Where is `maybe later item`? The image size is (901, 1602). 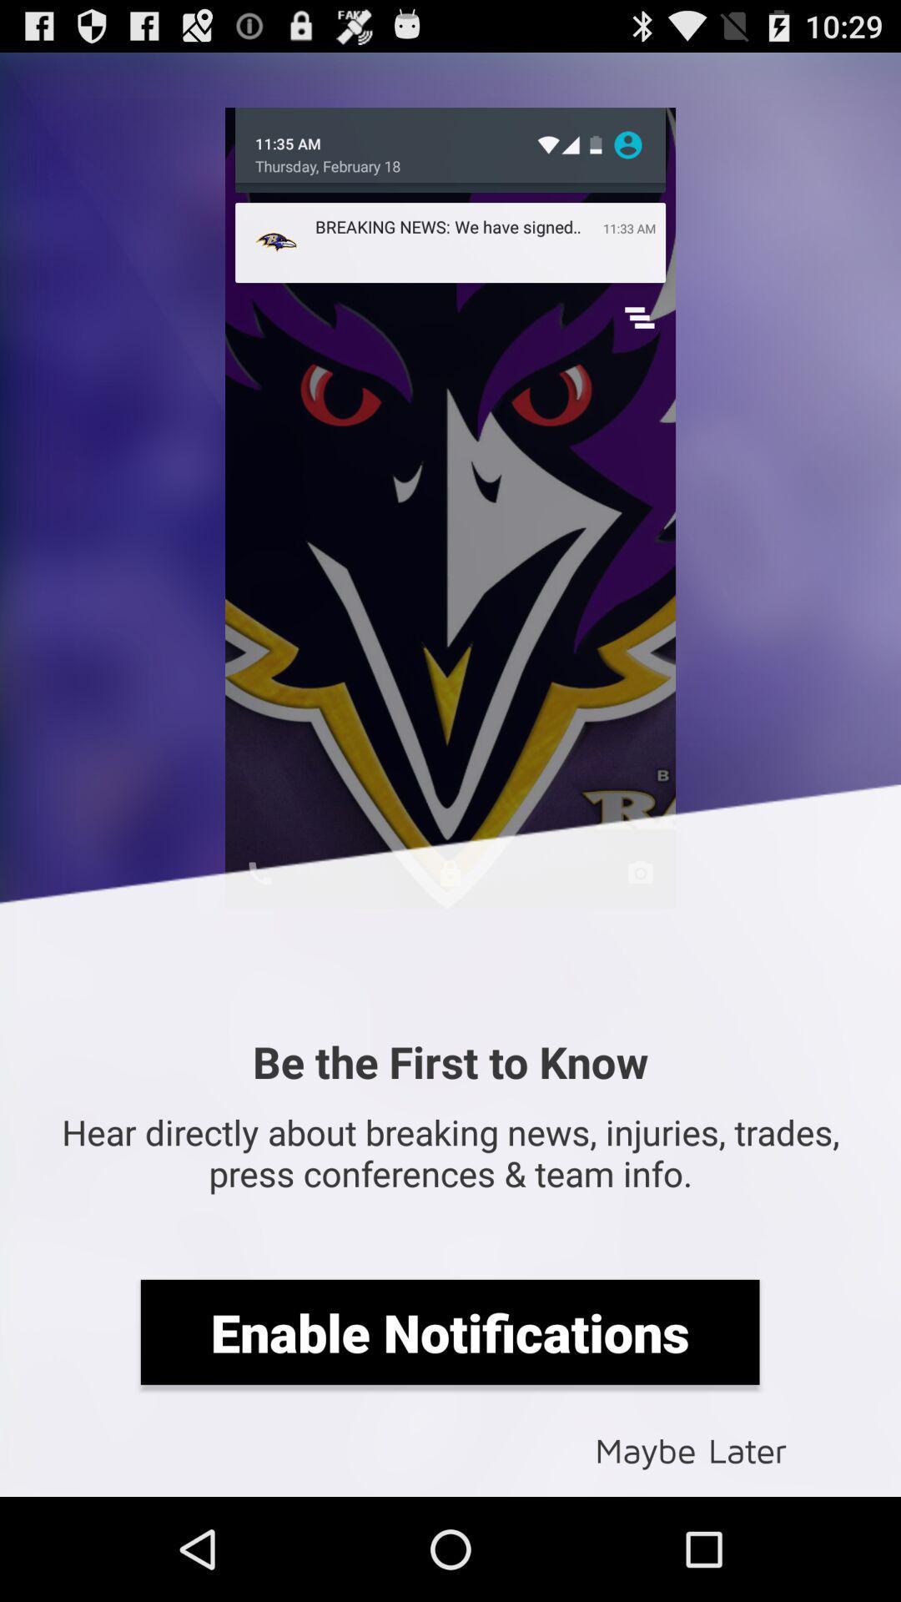
maybe later item is located at coordinates (691, 1448).